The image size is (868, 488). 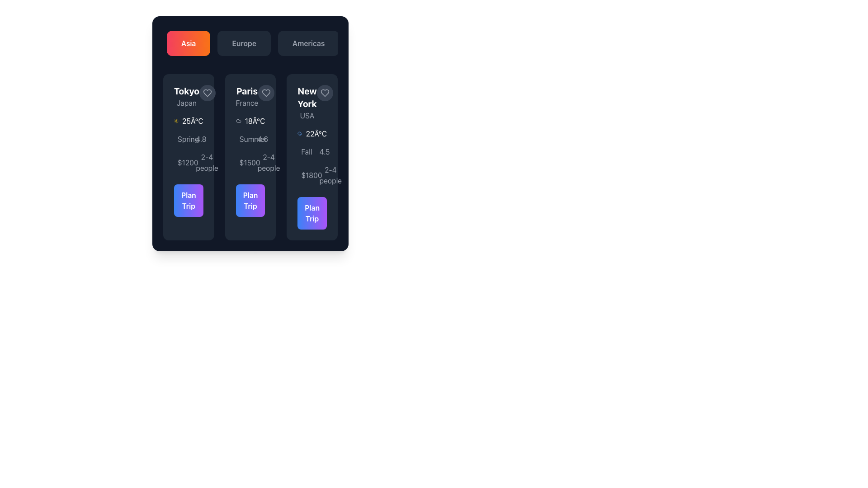 What do you see at coordinates (307, 115) in the screenshot?
I see `the text label displaying 'USA', which is located below 'New York' in the third card of the travel destinations grid` at bounding box center [307, 115].